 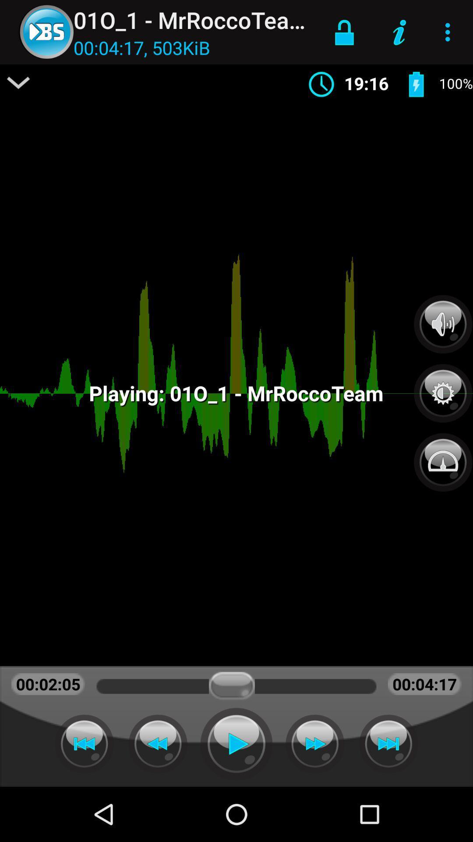 I want to click on more options, so click(x=18, y=82).